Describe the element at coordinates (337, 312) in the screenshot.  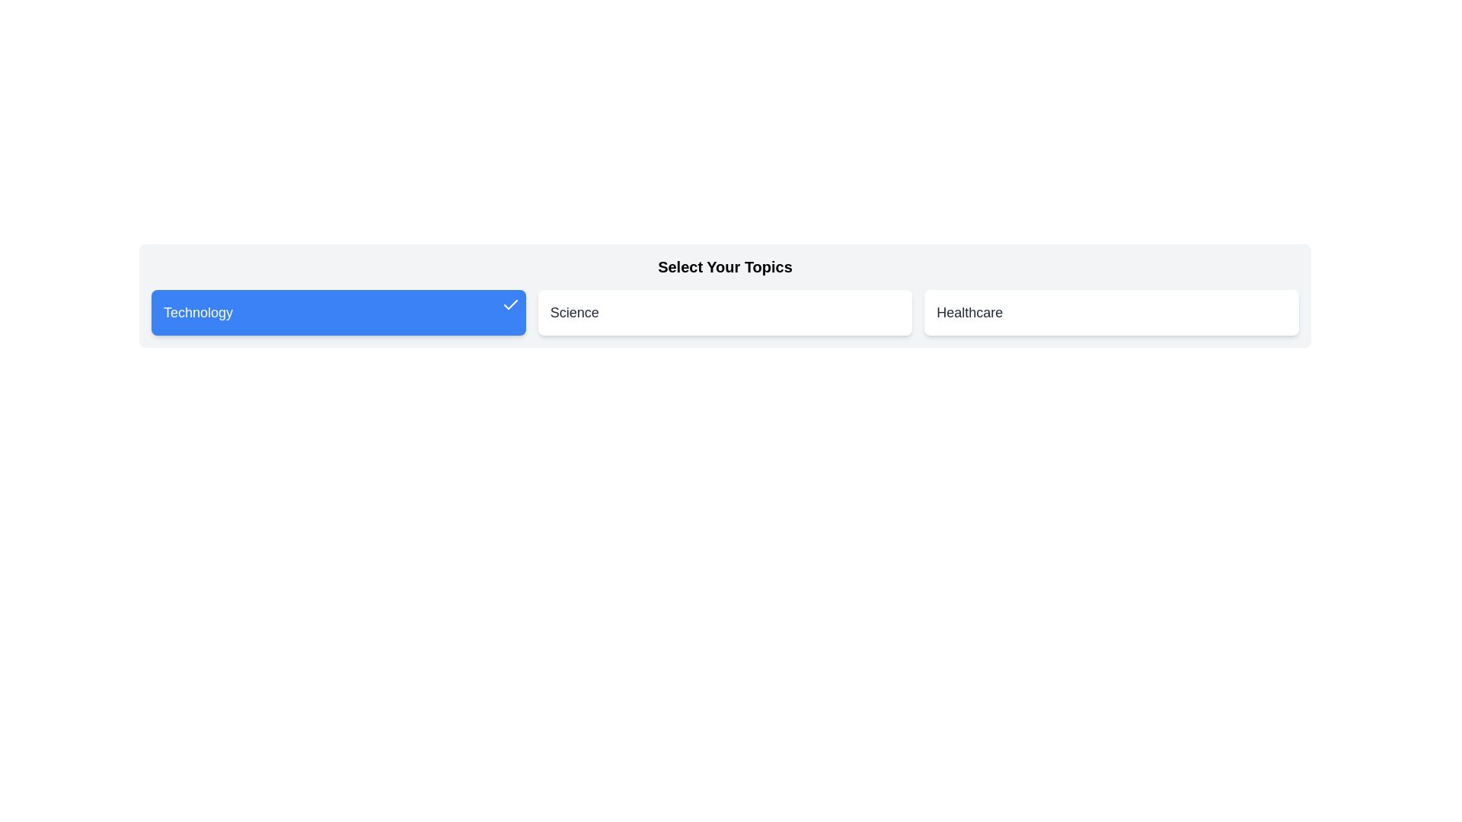
I see `the card labeled Technology to toggle its active state` at that location.